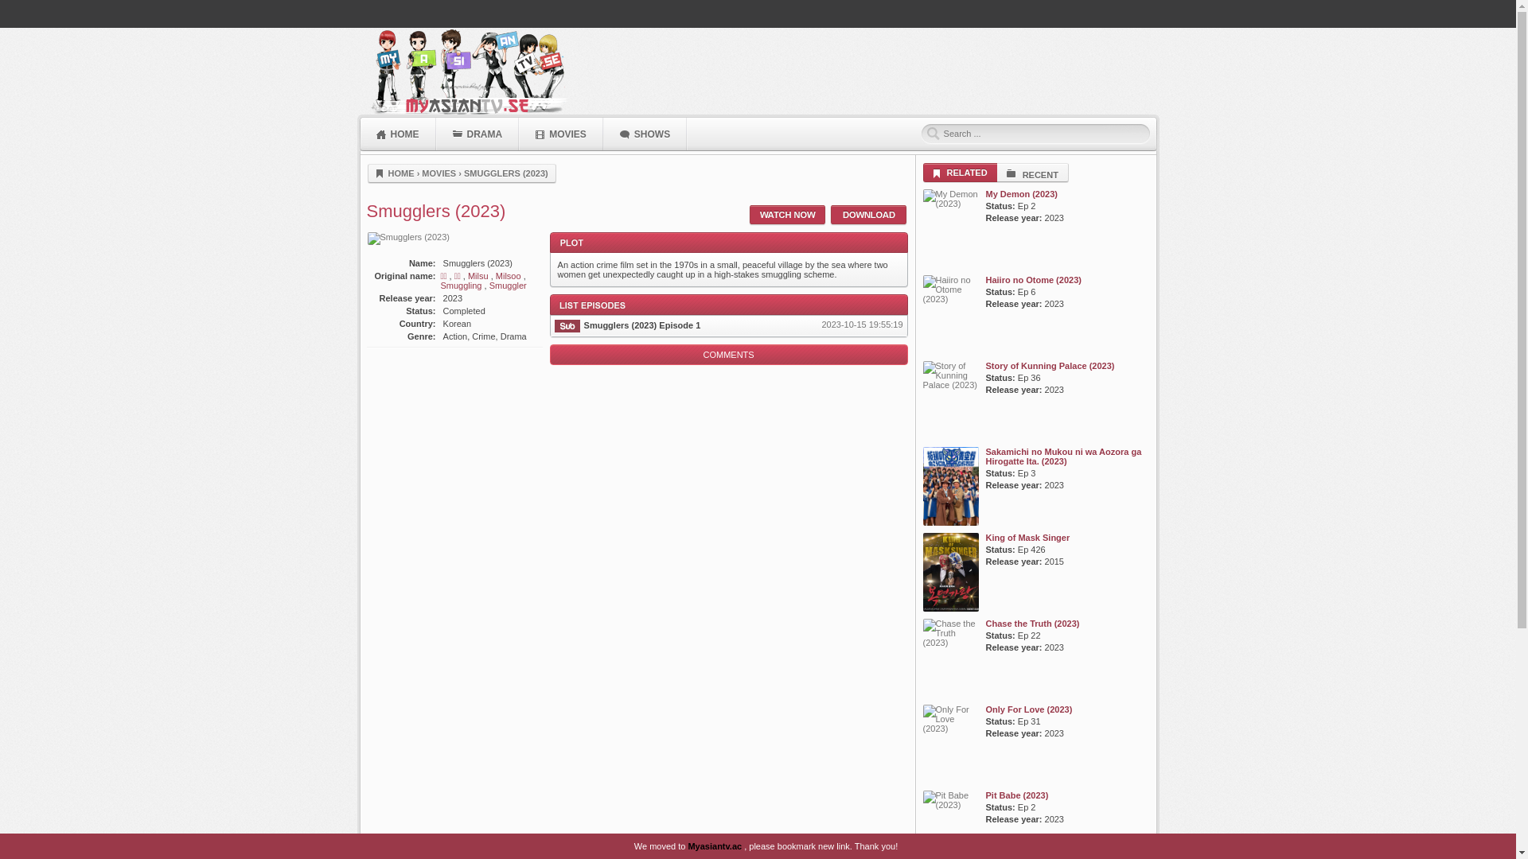 This screenshot has height=859, width=1528. What do you see at coordinates (1032, 278) in the screenshot?
I see `'Haiiro no Otome (2023)'` at bounding box center [1032, 278].